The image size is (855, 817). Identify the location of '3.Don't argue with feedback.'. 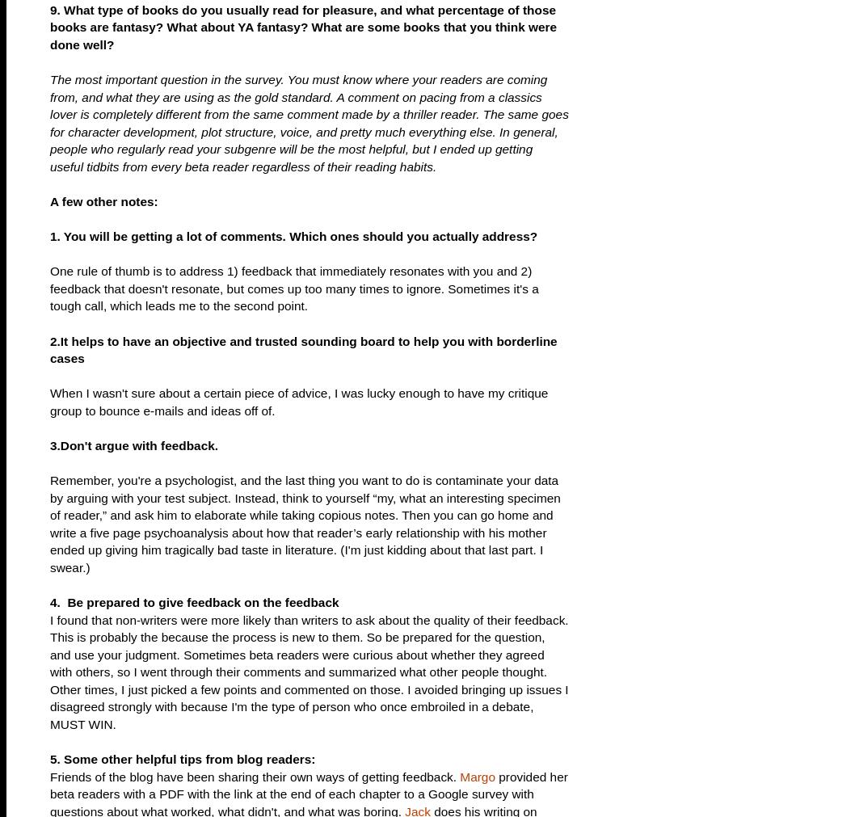
(133, 444).